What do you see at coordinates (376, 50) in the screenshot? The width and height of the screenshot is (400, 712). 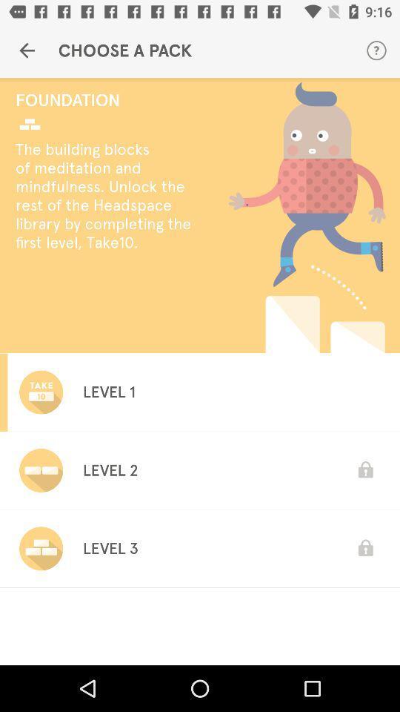 I see `the icon next to the choose a pack` at bounding box center [376, 50].